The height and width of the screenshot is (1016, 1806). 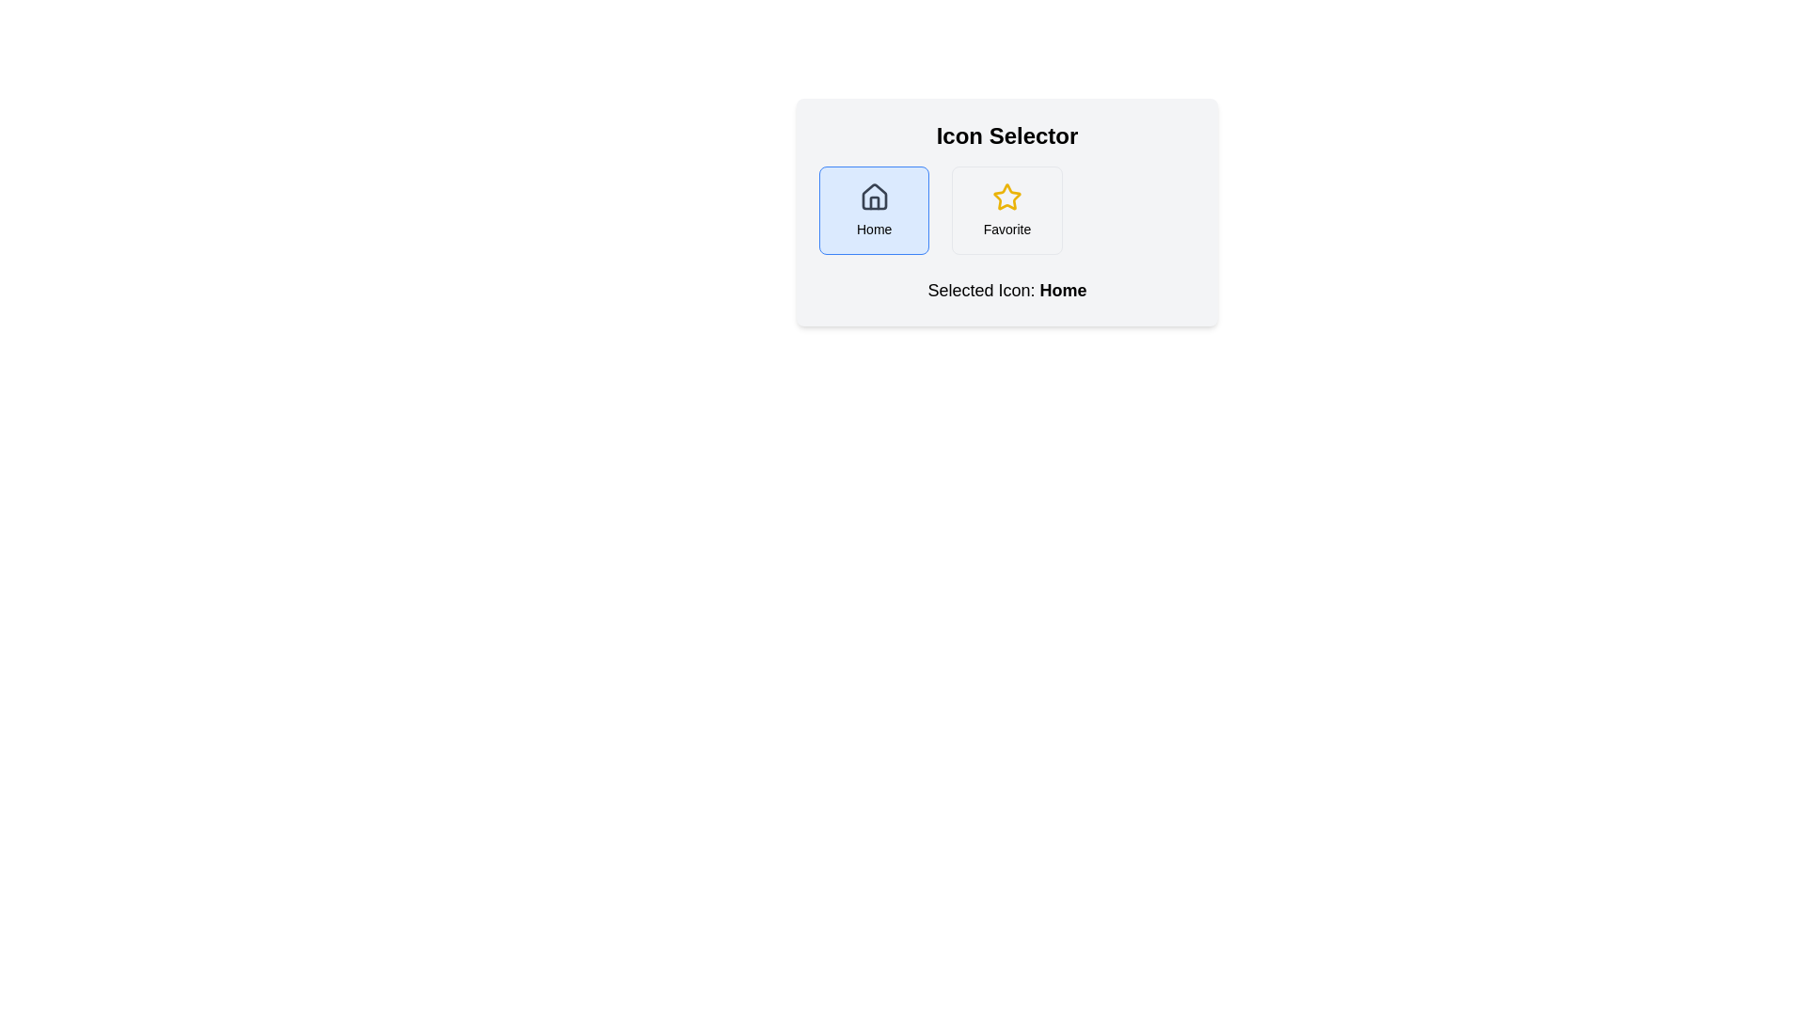 What do you see at coordinates (1006, 210) in the screenshot?
I see `the second clickable card in the grid layout that represents a 'Favorite' option` at bounding box center [1006, 210].